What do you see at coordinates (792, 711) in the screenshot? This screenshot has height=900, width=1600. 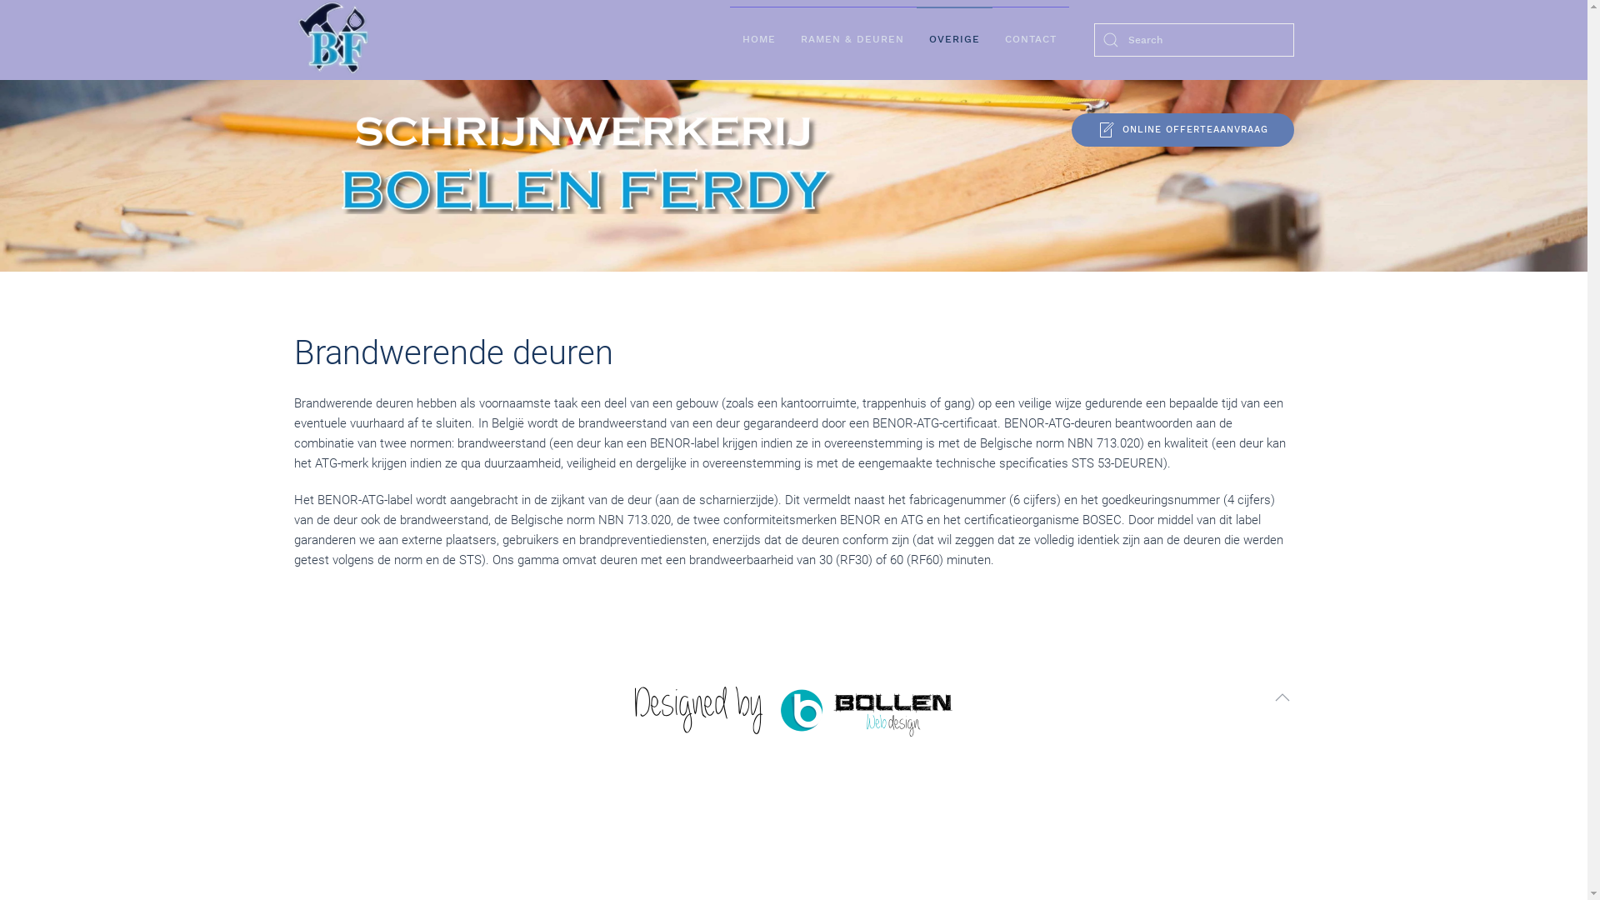 I see `'Bollen Webdesign'` at bounding box center [792, 711].